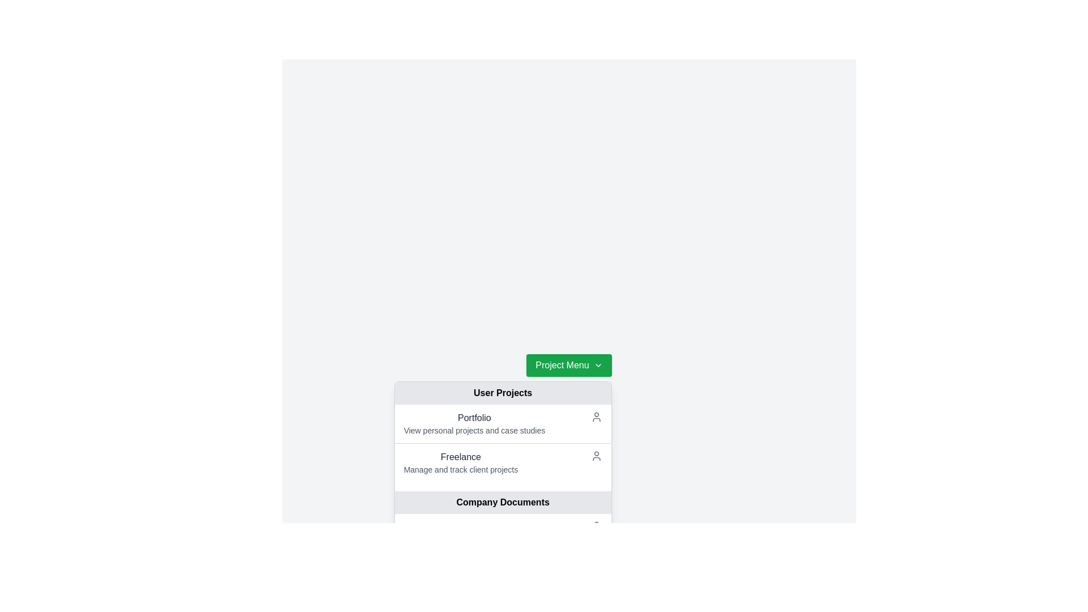  Describe the element at coordinates (502, 424) in the screenshot. I see `the first list item under the 'User Projects' section` at that location.